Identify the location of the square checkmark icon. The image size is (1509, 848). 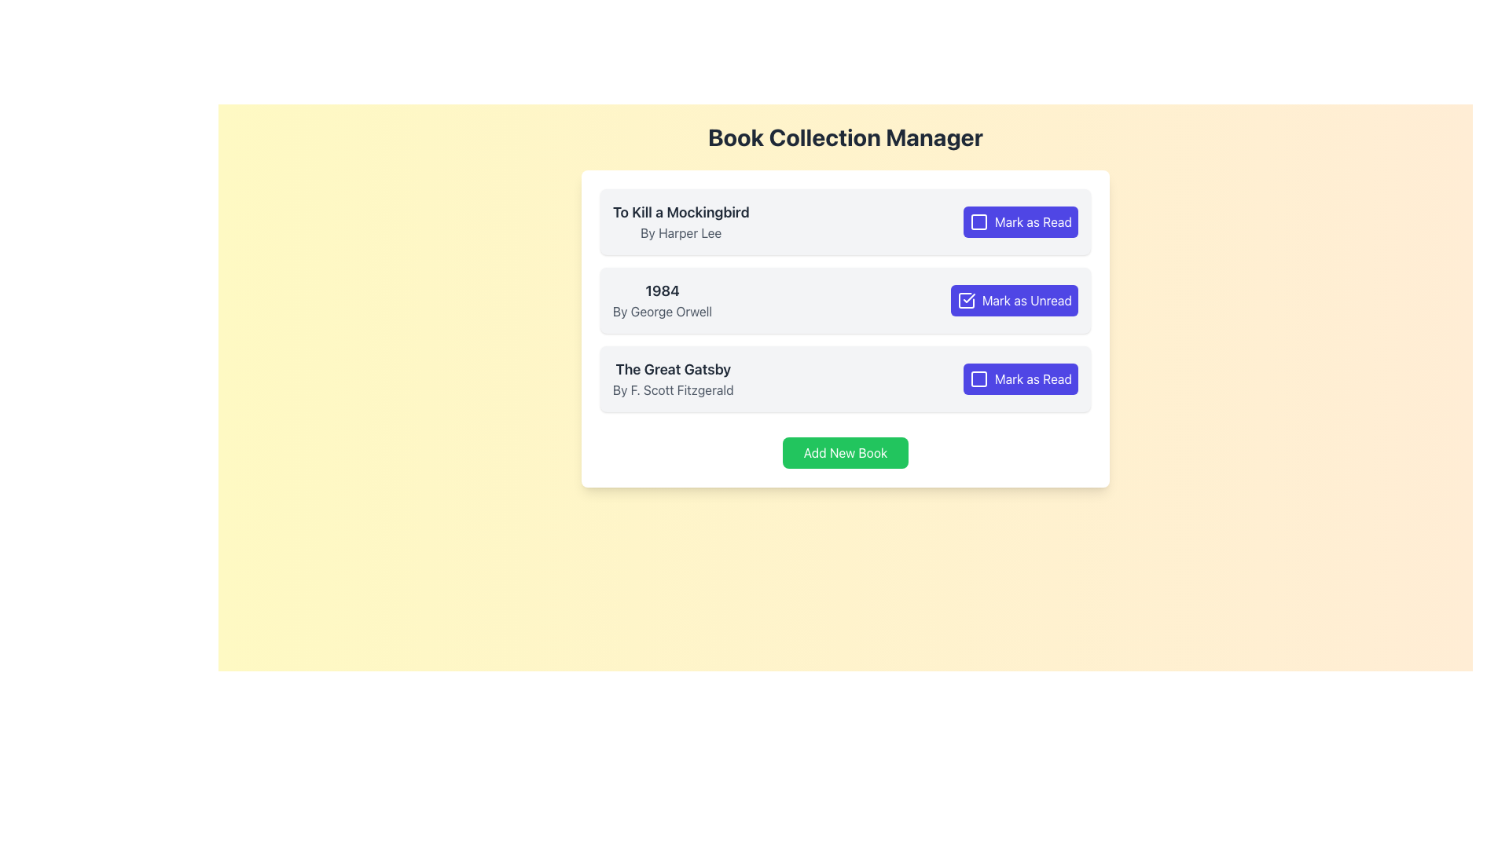
(965, 300).